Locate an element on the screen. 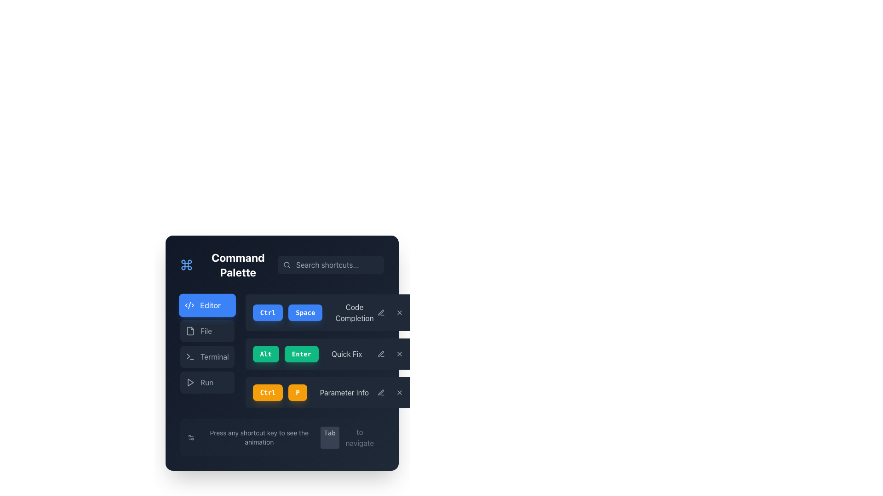 The width and height of the screenshot is (883, 496). the small gear icon, which is light gray and located within a dark rectangular area under the text 'Press any shortcut key to see the animation' is located at coordinates (190, 437).